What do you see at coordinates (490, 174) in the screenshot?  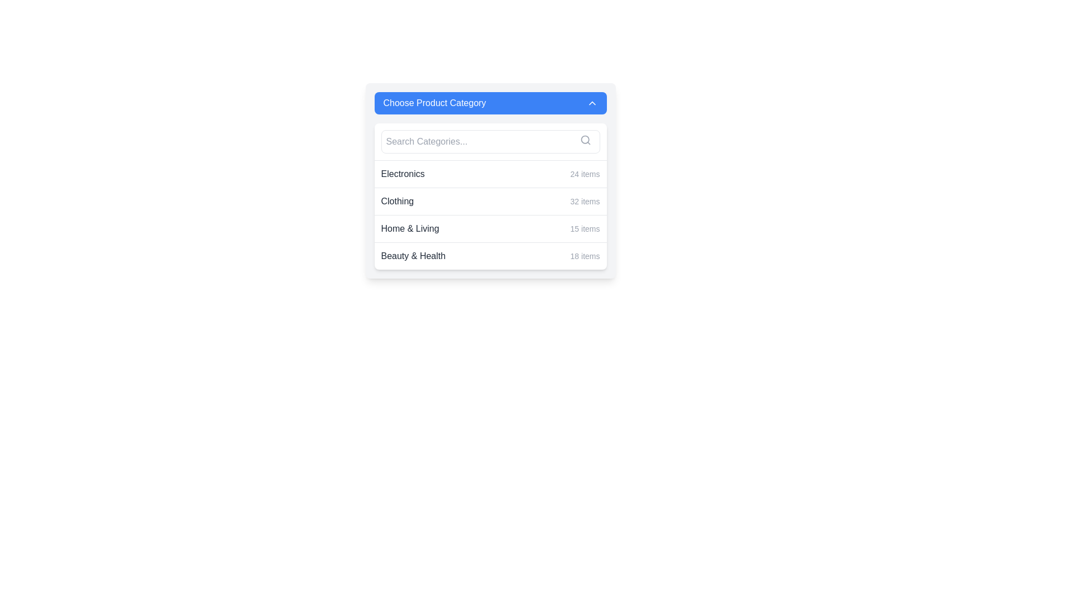 I see `the first list item displaying the category 'Electronics' with details showing '24 items' to visualize the hover effect` at bounding box center [490, 174].